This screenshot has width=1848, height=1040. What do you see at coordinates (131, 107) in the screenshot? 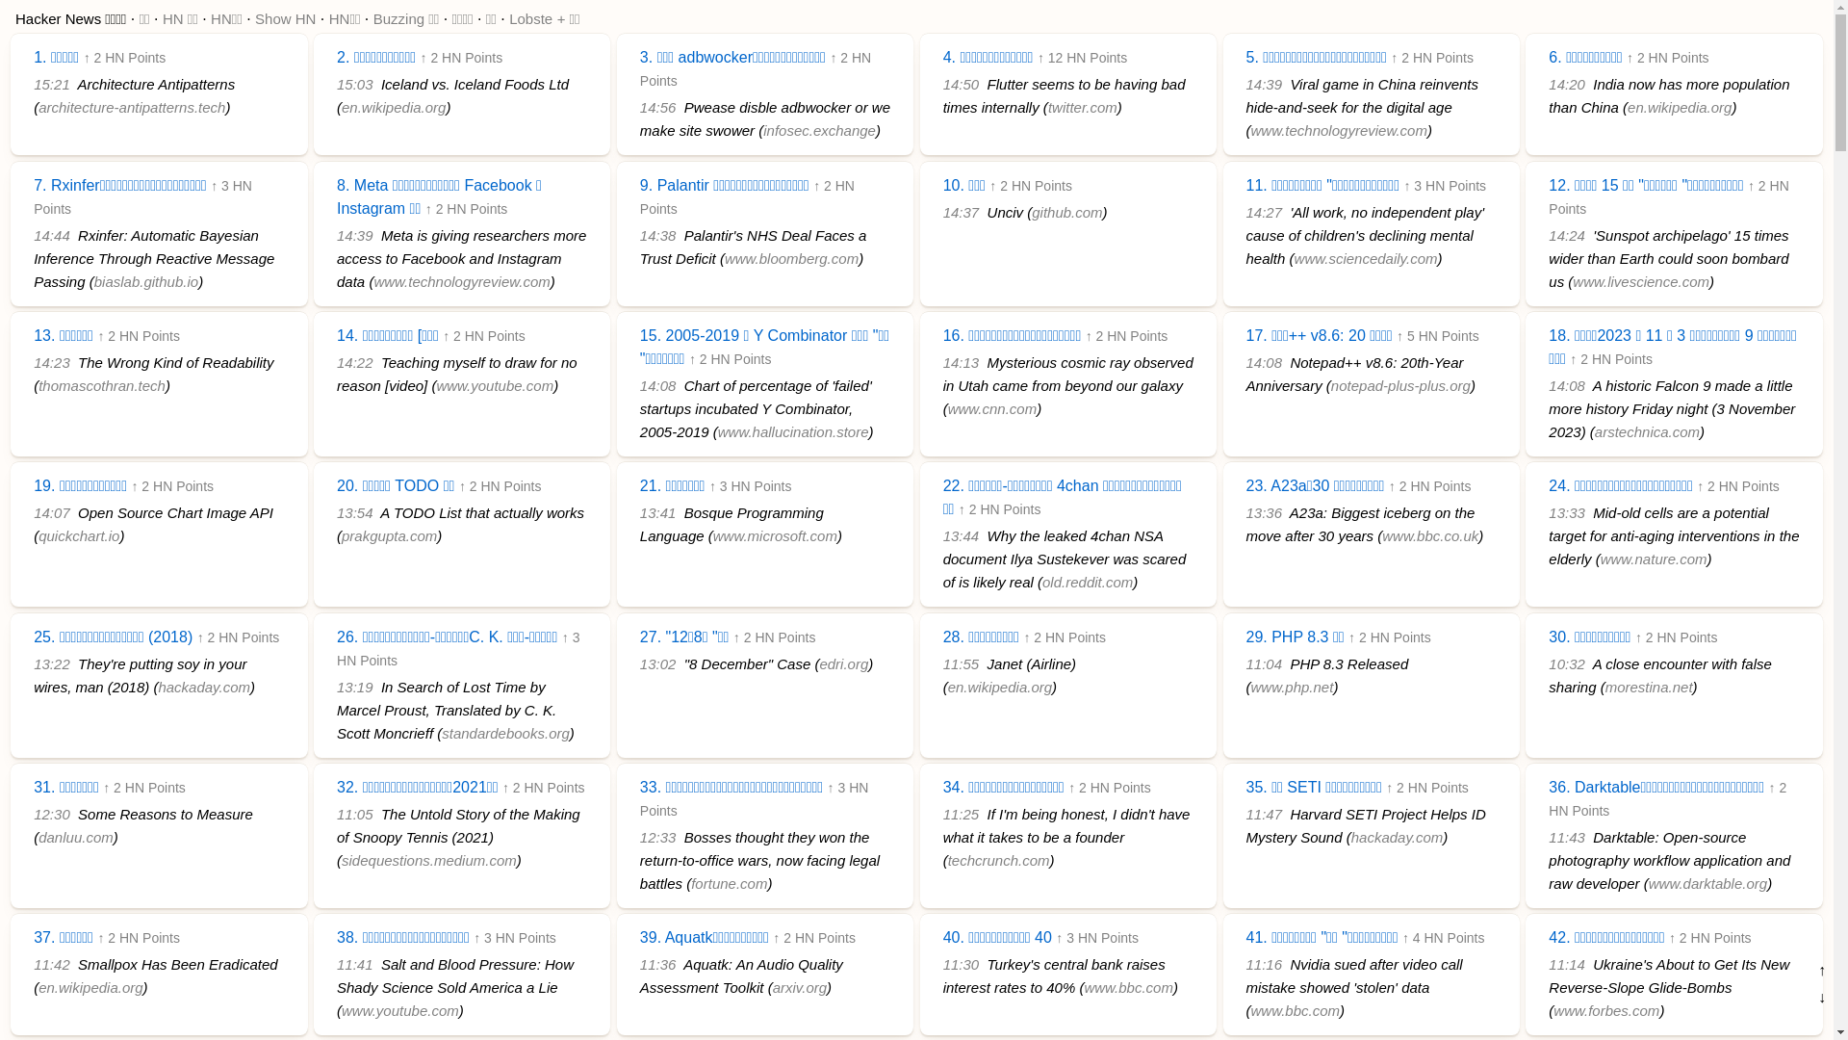
I see `'architecture-antipatterns.tech'` at bounding box center [131, 107].